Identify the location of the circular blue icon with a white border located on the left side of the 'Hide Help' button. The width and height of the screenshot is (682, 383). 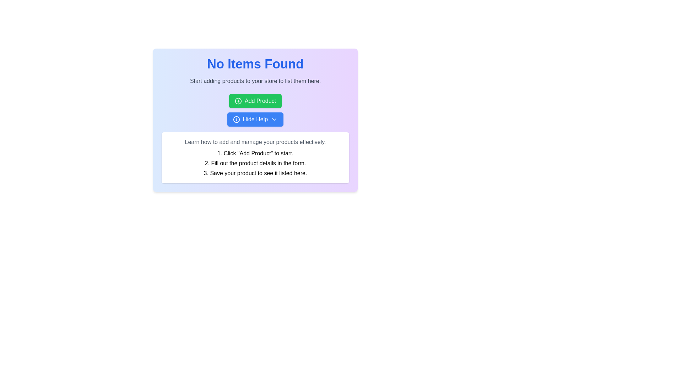
(236, 119).